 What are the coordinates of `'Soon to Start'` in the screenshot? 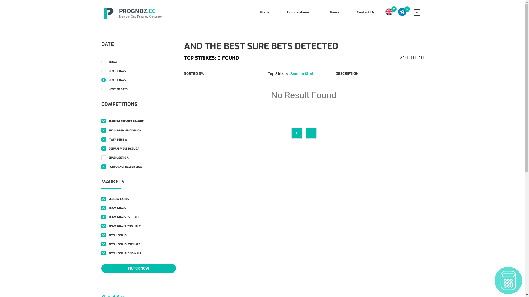 It's located at (290, 73).